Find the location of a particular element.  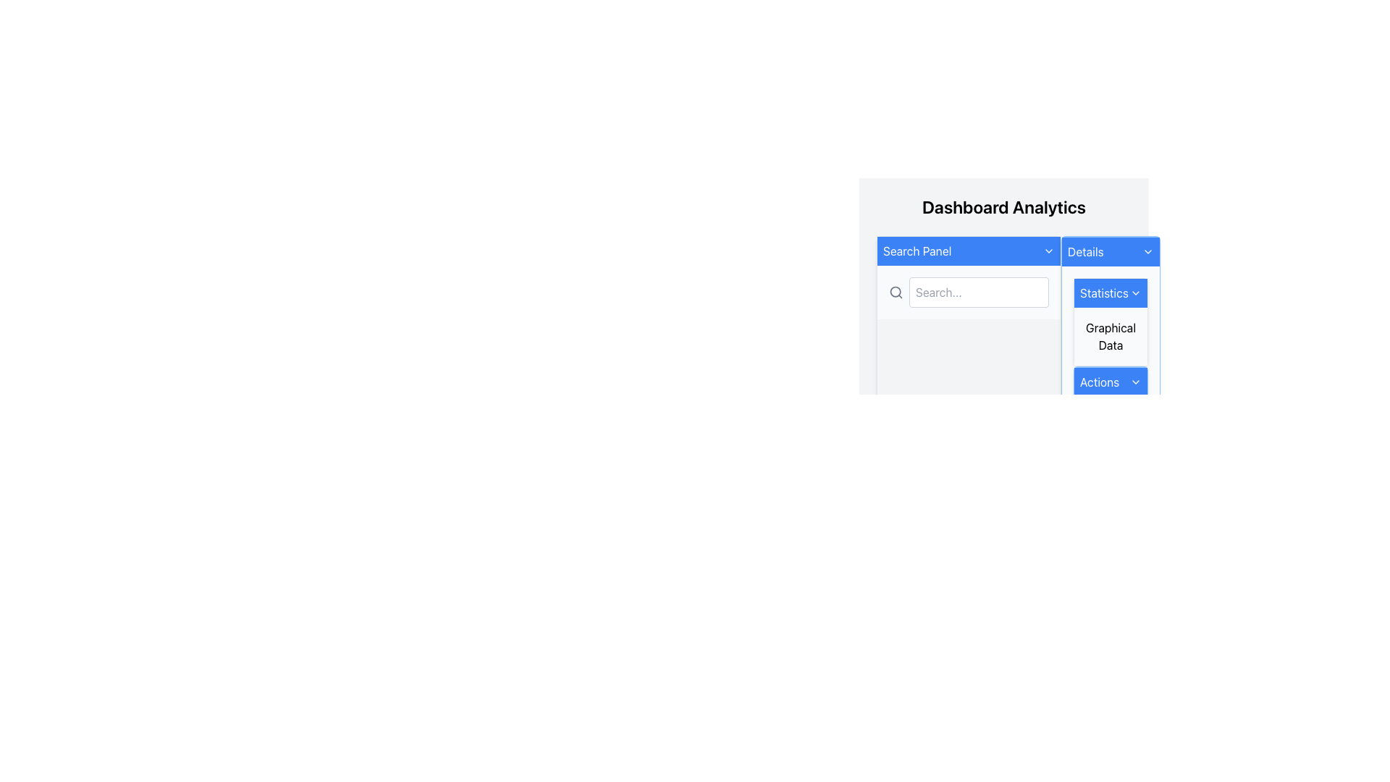

the icon located at the rightmost edge of the blue 'Statistics' button in the details panel is located at coordinates (1135, 293).